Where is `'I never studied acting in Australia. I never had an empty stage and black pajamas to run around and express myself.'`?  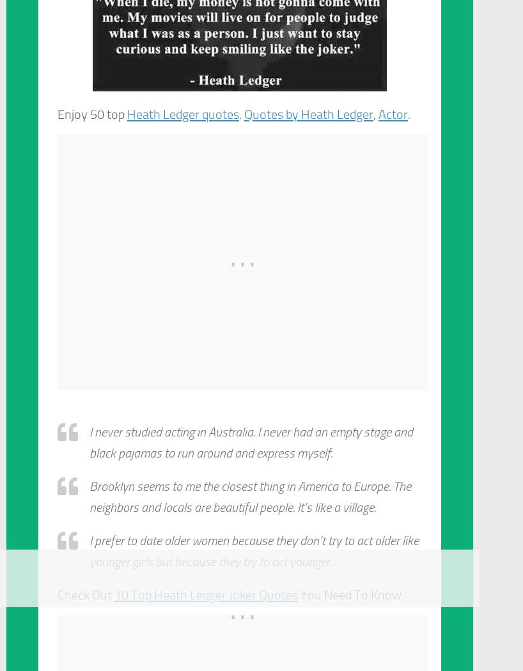 'I never studied acting in Australia. I never had an empty stage and black pajamas to run around and express myself.' is located at coordinates (88, 442).